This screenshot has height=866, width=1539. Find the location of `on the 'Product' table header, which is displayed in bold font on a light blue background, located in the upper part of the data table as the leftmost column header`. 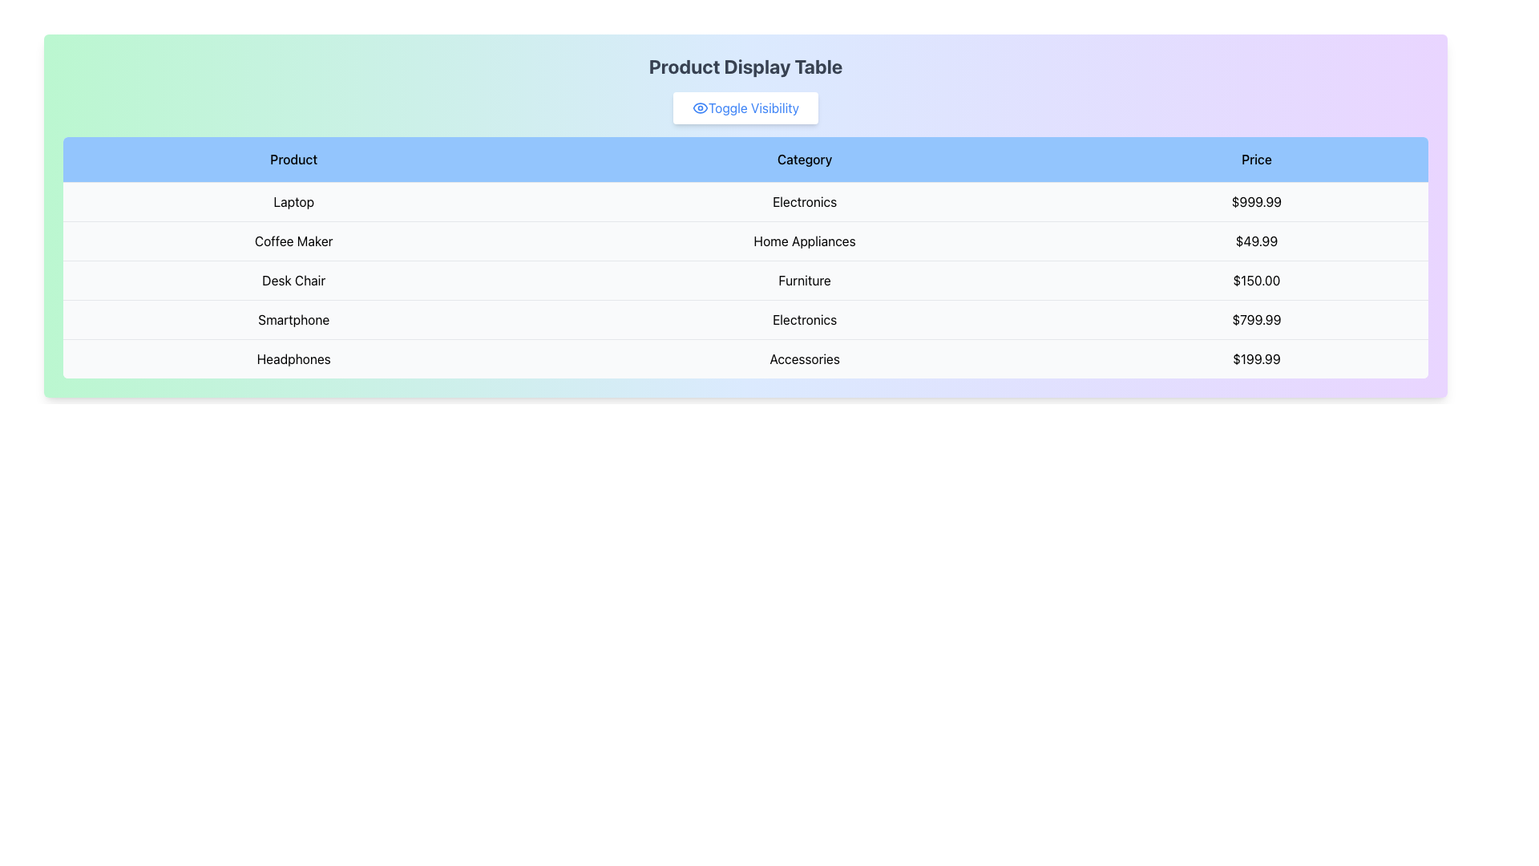

on the 'Product' table header, which is displayed in bold font on a light blue background, located in the upper part of the data table as the leftmost column header is located at coordinates (293, 160).